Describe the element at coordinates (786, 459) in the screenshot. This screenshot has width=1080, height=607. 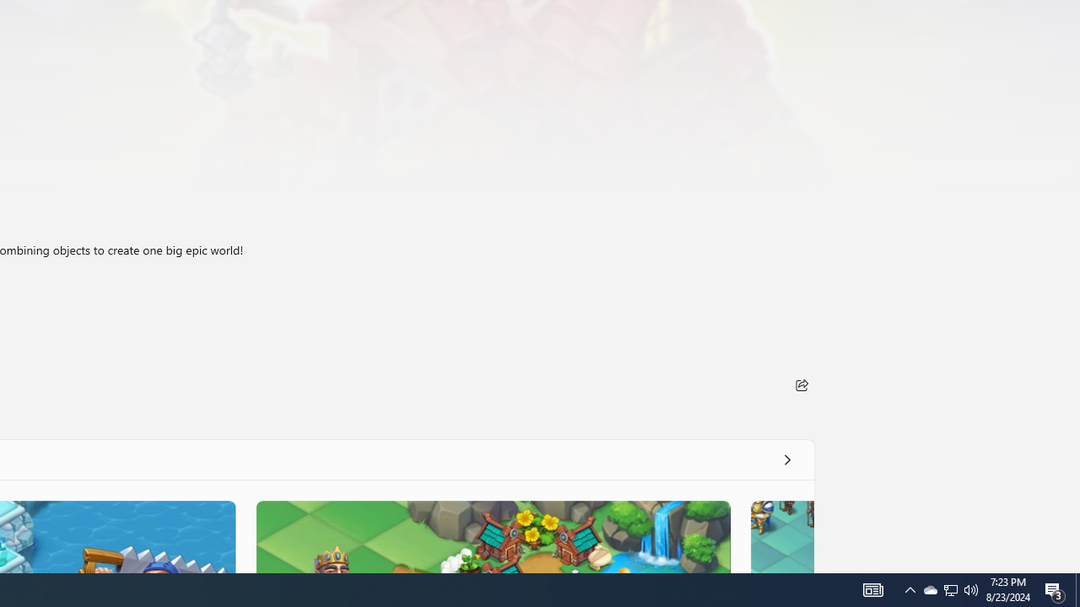
I see `'See all'` at that location.